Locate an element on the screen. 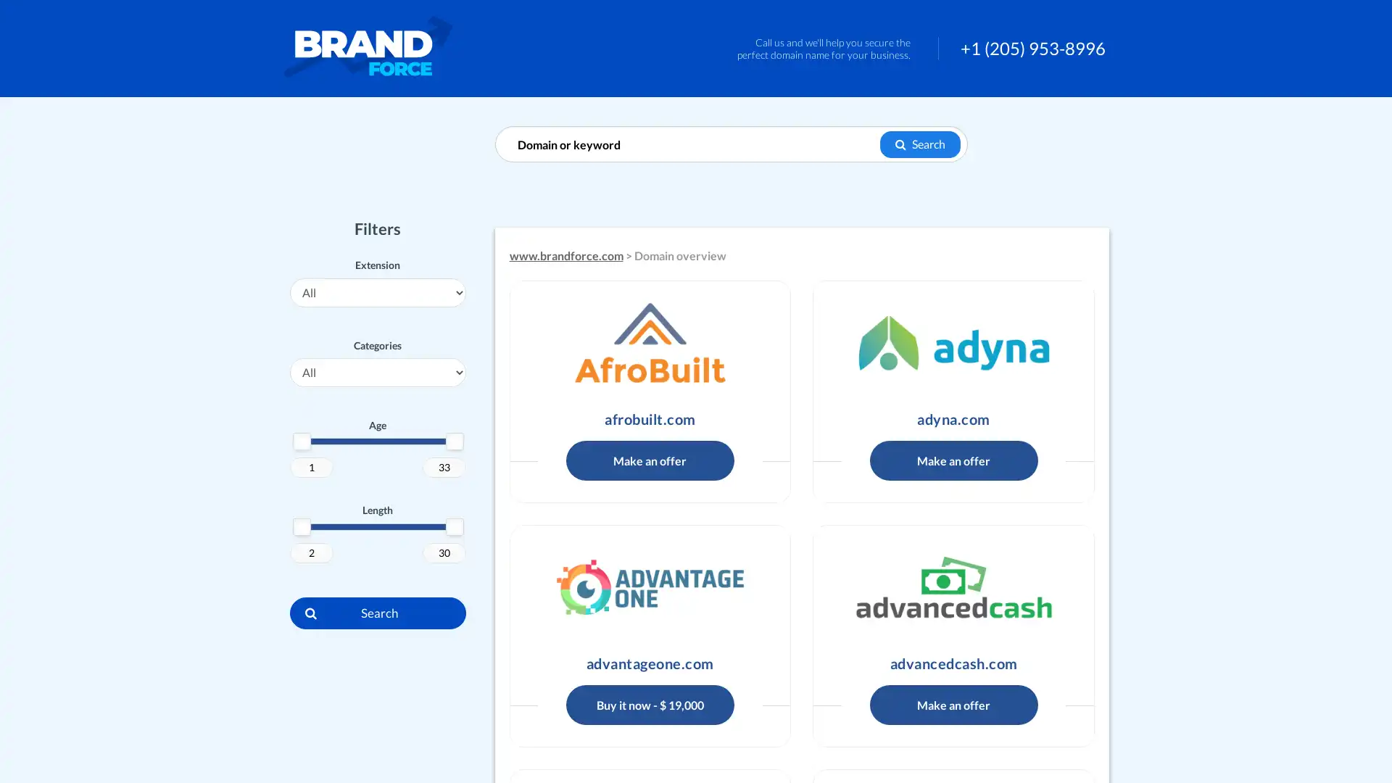  Search is located at coordinates (919, 144).